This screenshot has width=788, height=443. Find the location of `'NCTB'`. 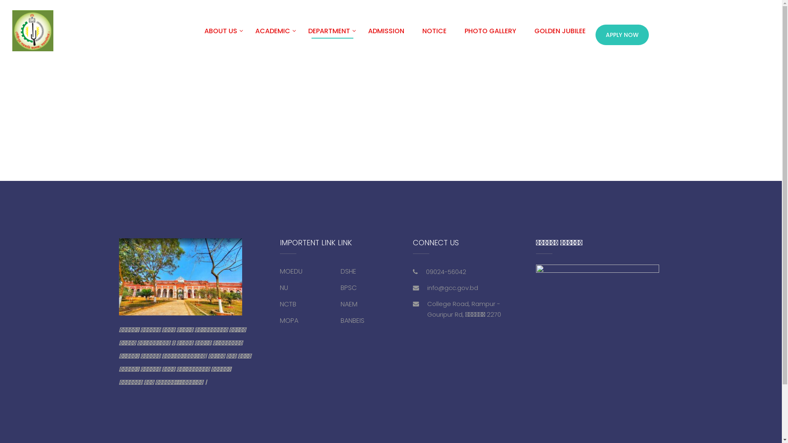

'NCTB' is located at coordinates (288, 304).